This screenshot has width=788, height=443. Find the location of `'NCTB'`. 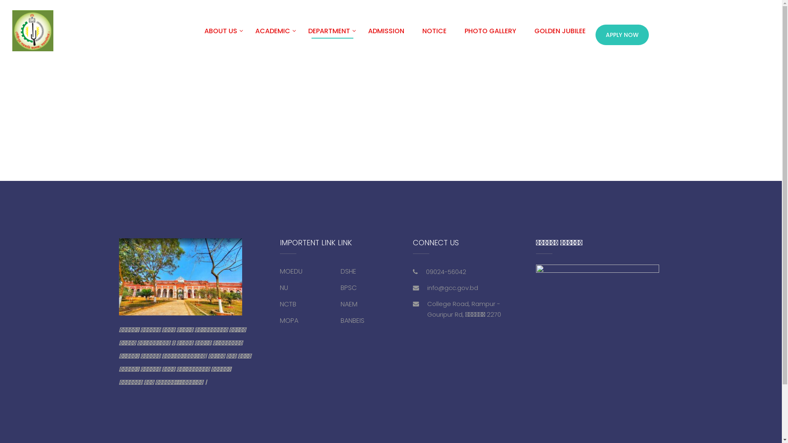

'NCTB' is located at coordinates (288, 304).